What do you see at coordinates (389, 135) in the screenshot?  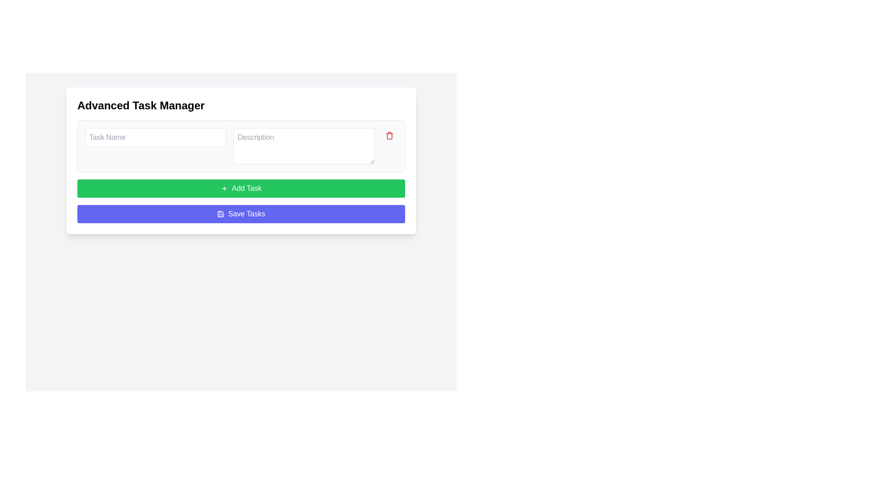 I see `the delete button located at the far right of the task entry section` at bounding box center [389, 135].